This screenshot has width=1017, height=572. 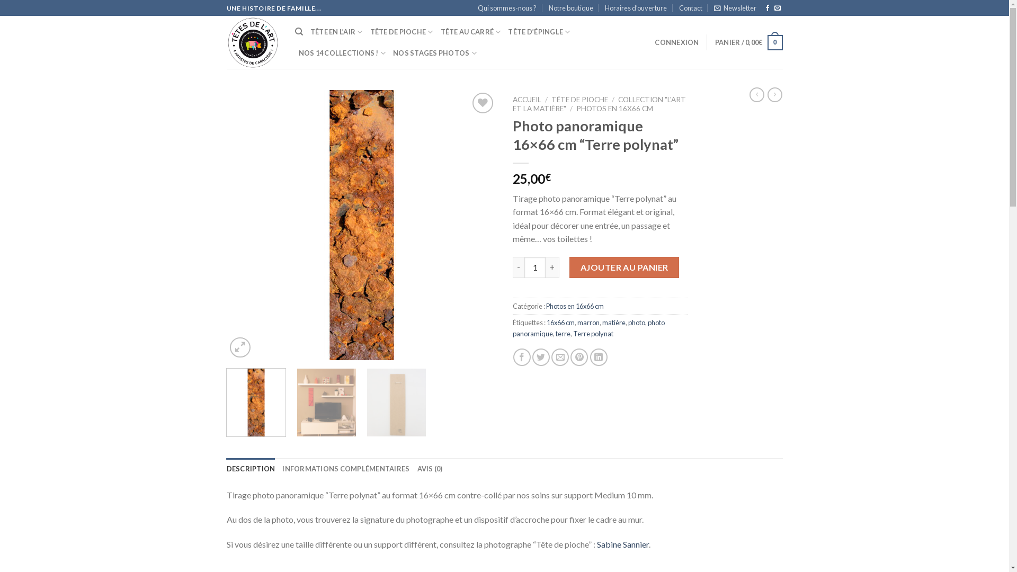 I want to click on 'Zoom', so click(x=239, y=347).